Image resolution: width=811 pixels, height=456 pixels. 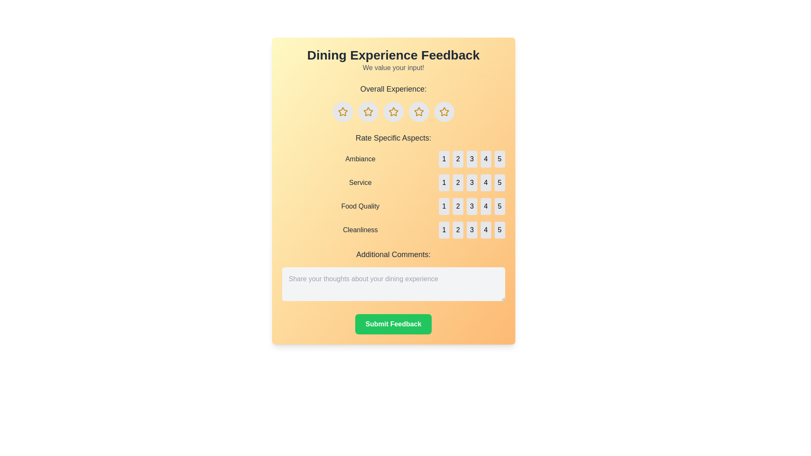 I want to click on the supportive text label located centrally below the 'Dining Experience Feedback' title in the header section of the interface, so click(x=393, y=68).